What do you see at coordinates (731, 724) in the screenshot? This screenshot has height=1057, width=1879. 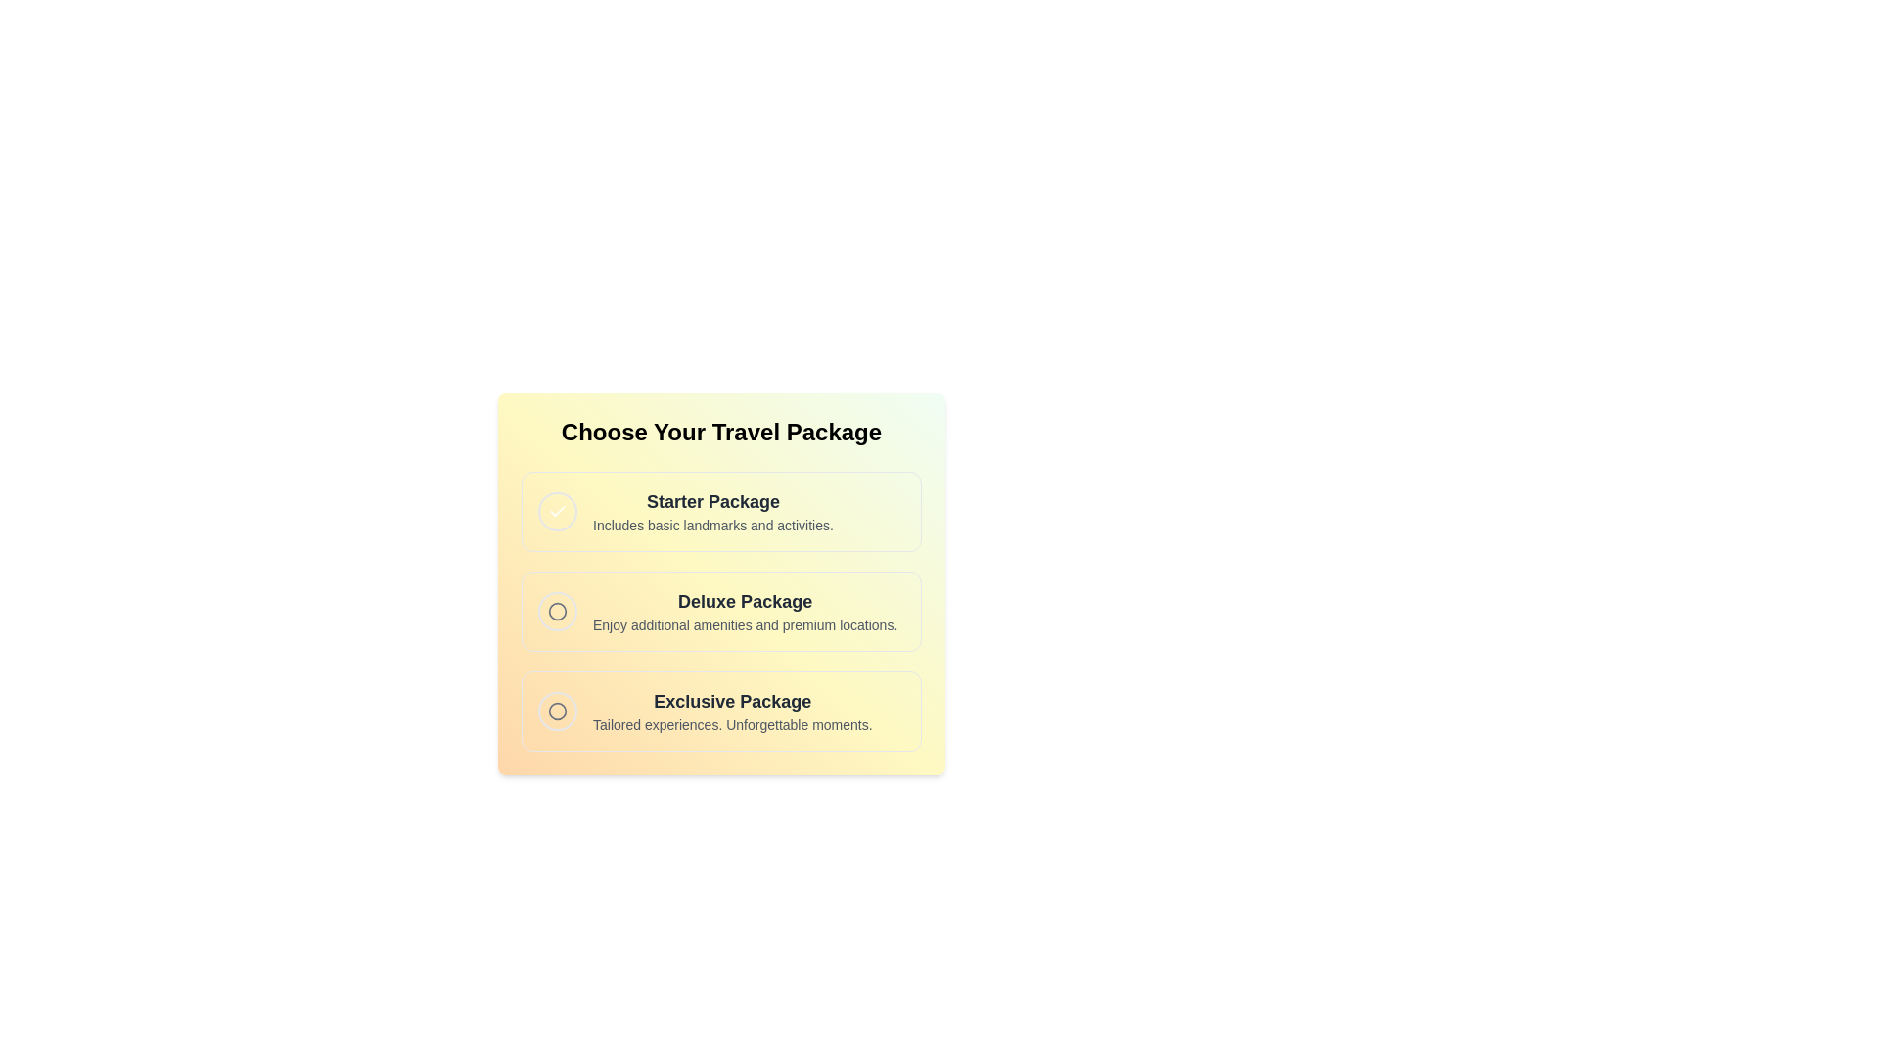 I see `the informative Text Label providing details about the 'Exclusive Package' option, positioned beneath the title 'Exclusive Package' in the third card of travel packages` at bounding box center [731, 724].